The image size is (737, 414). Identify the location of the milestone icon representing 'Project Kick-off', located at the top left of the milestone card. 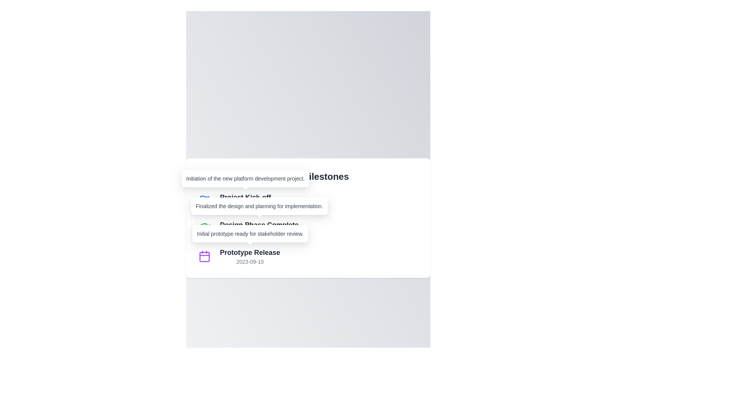
(204, 200).